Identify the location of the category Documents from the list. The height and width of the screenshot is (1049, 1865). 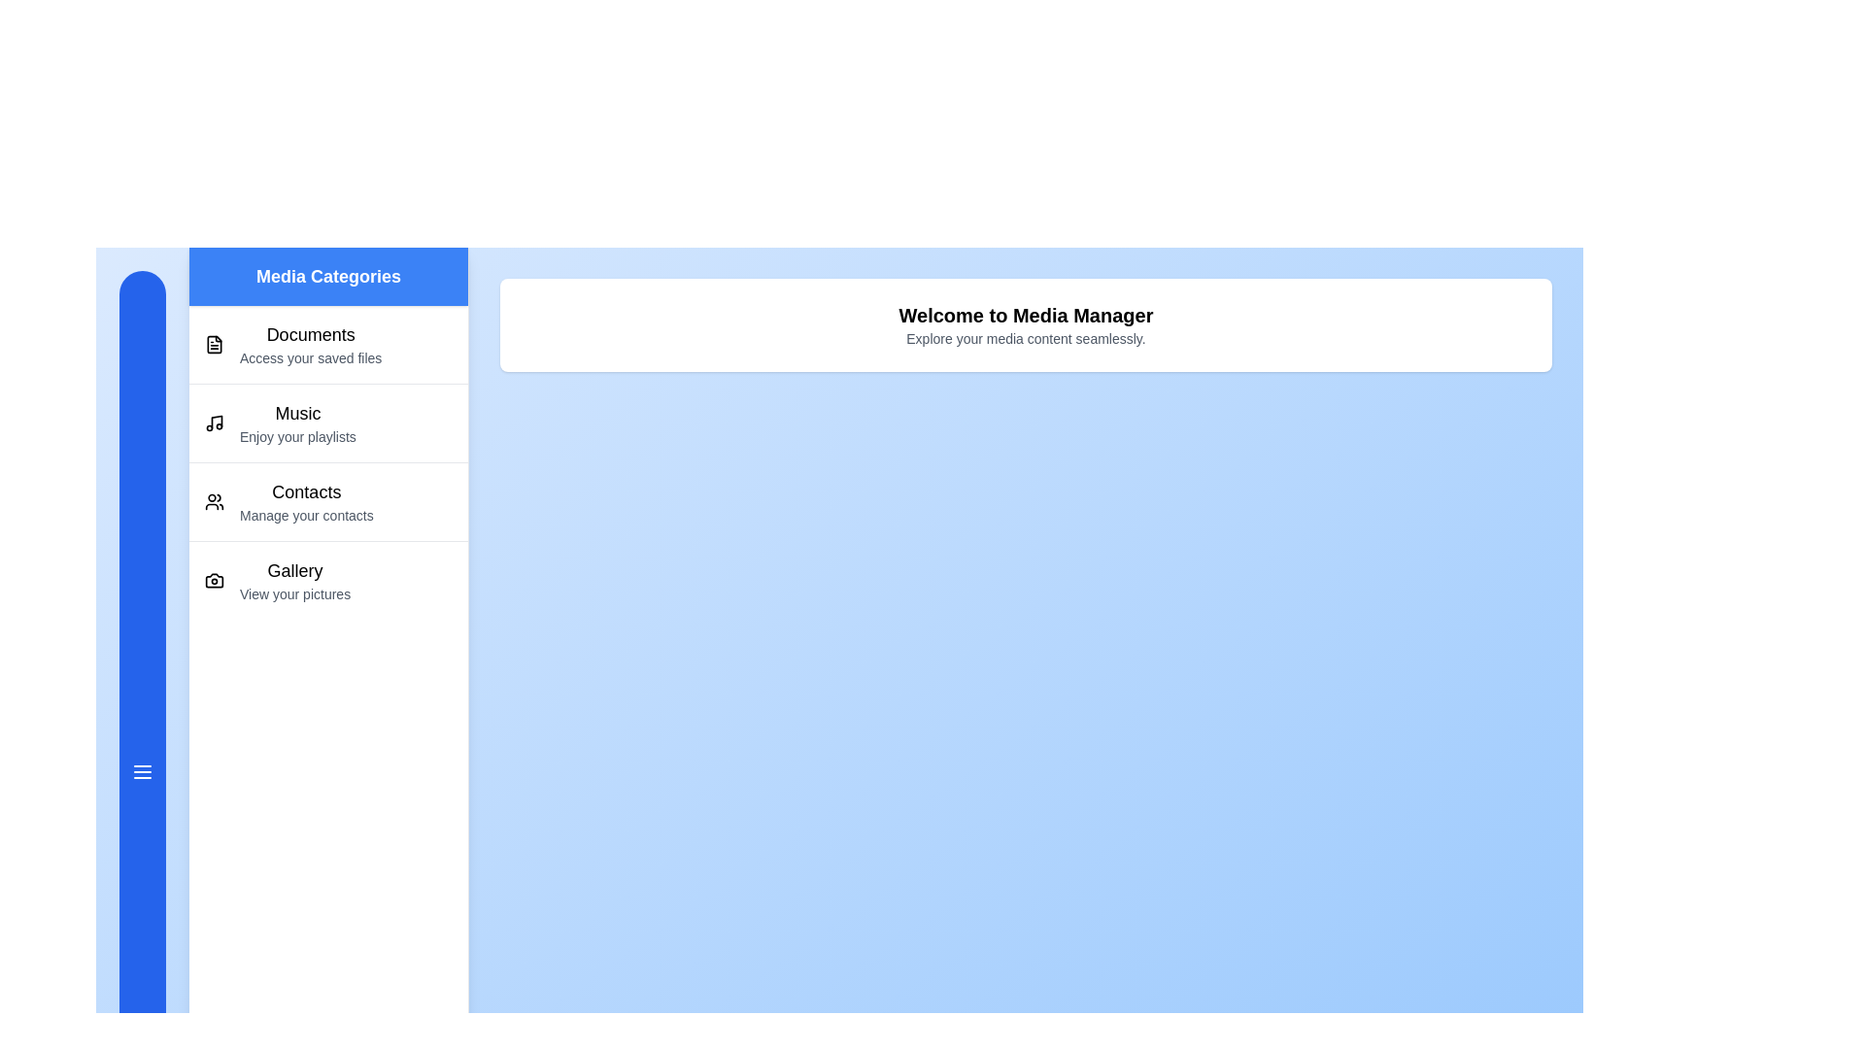
(328, 343).